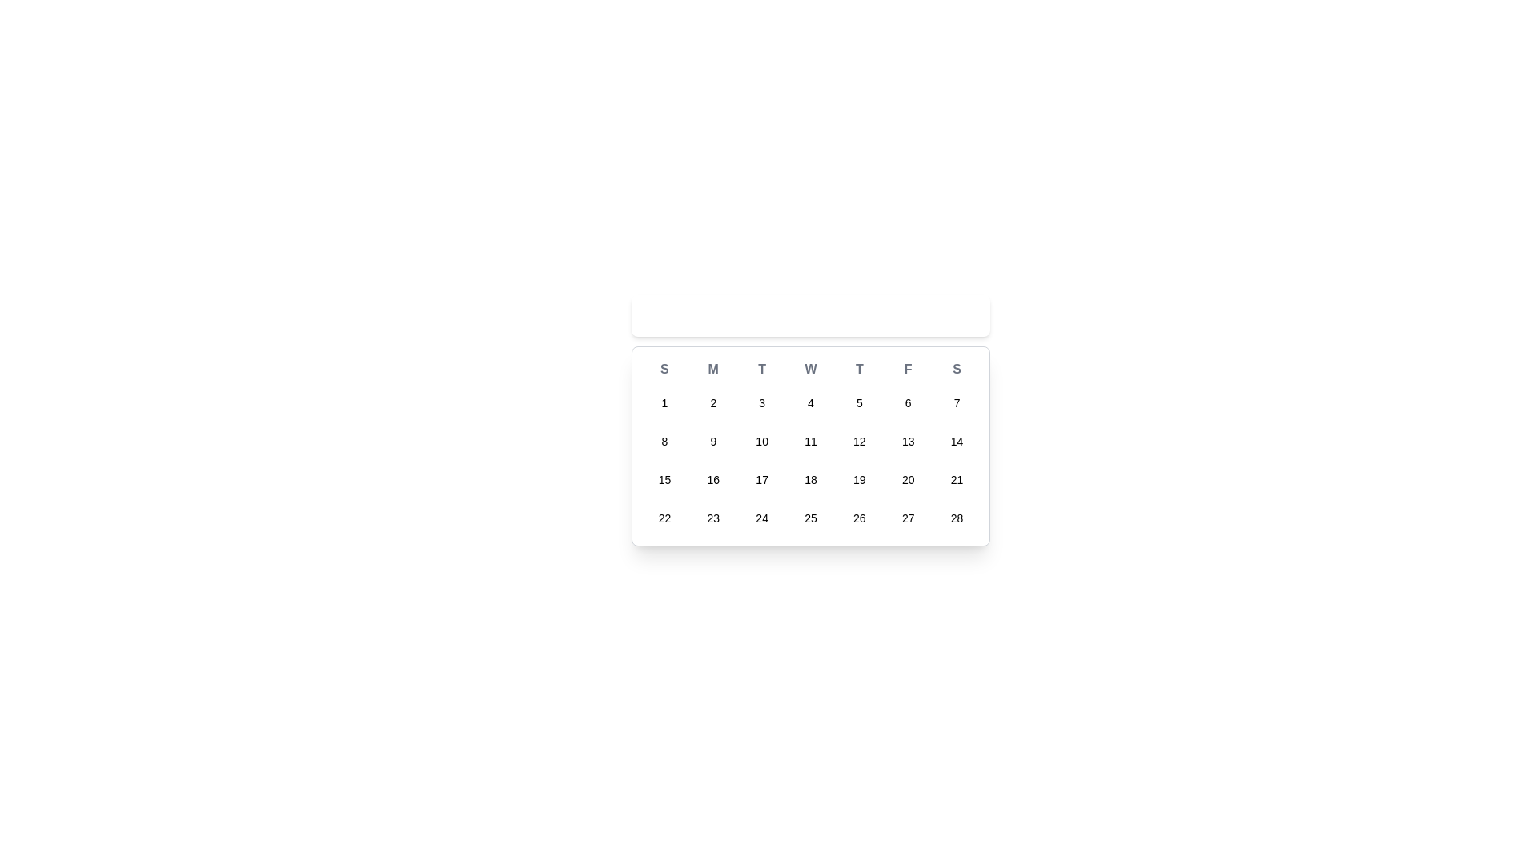 This screenshot has width=1537, height=864. I want to click on the small rectangular button labeled '2' in the calendar grid, so click(712, 402).